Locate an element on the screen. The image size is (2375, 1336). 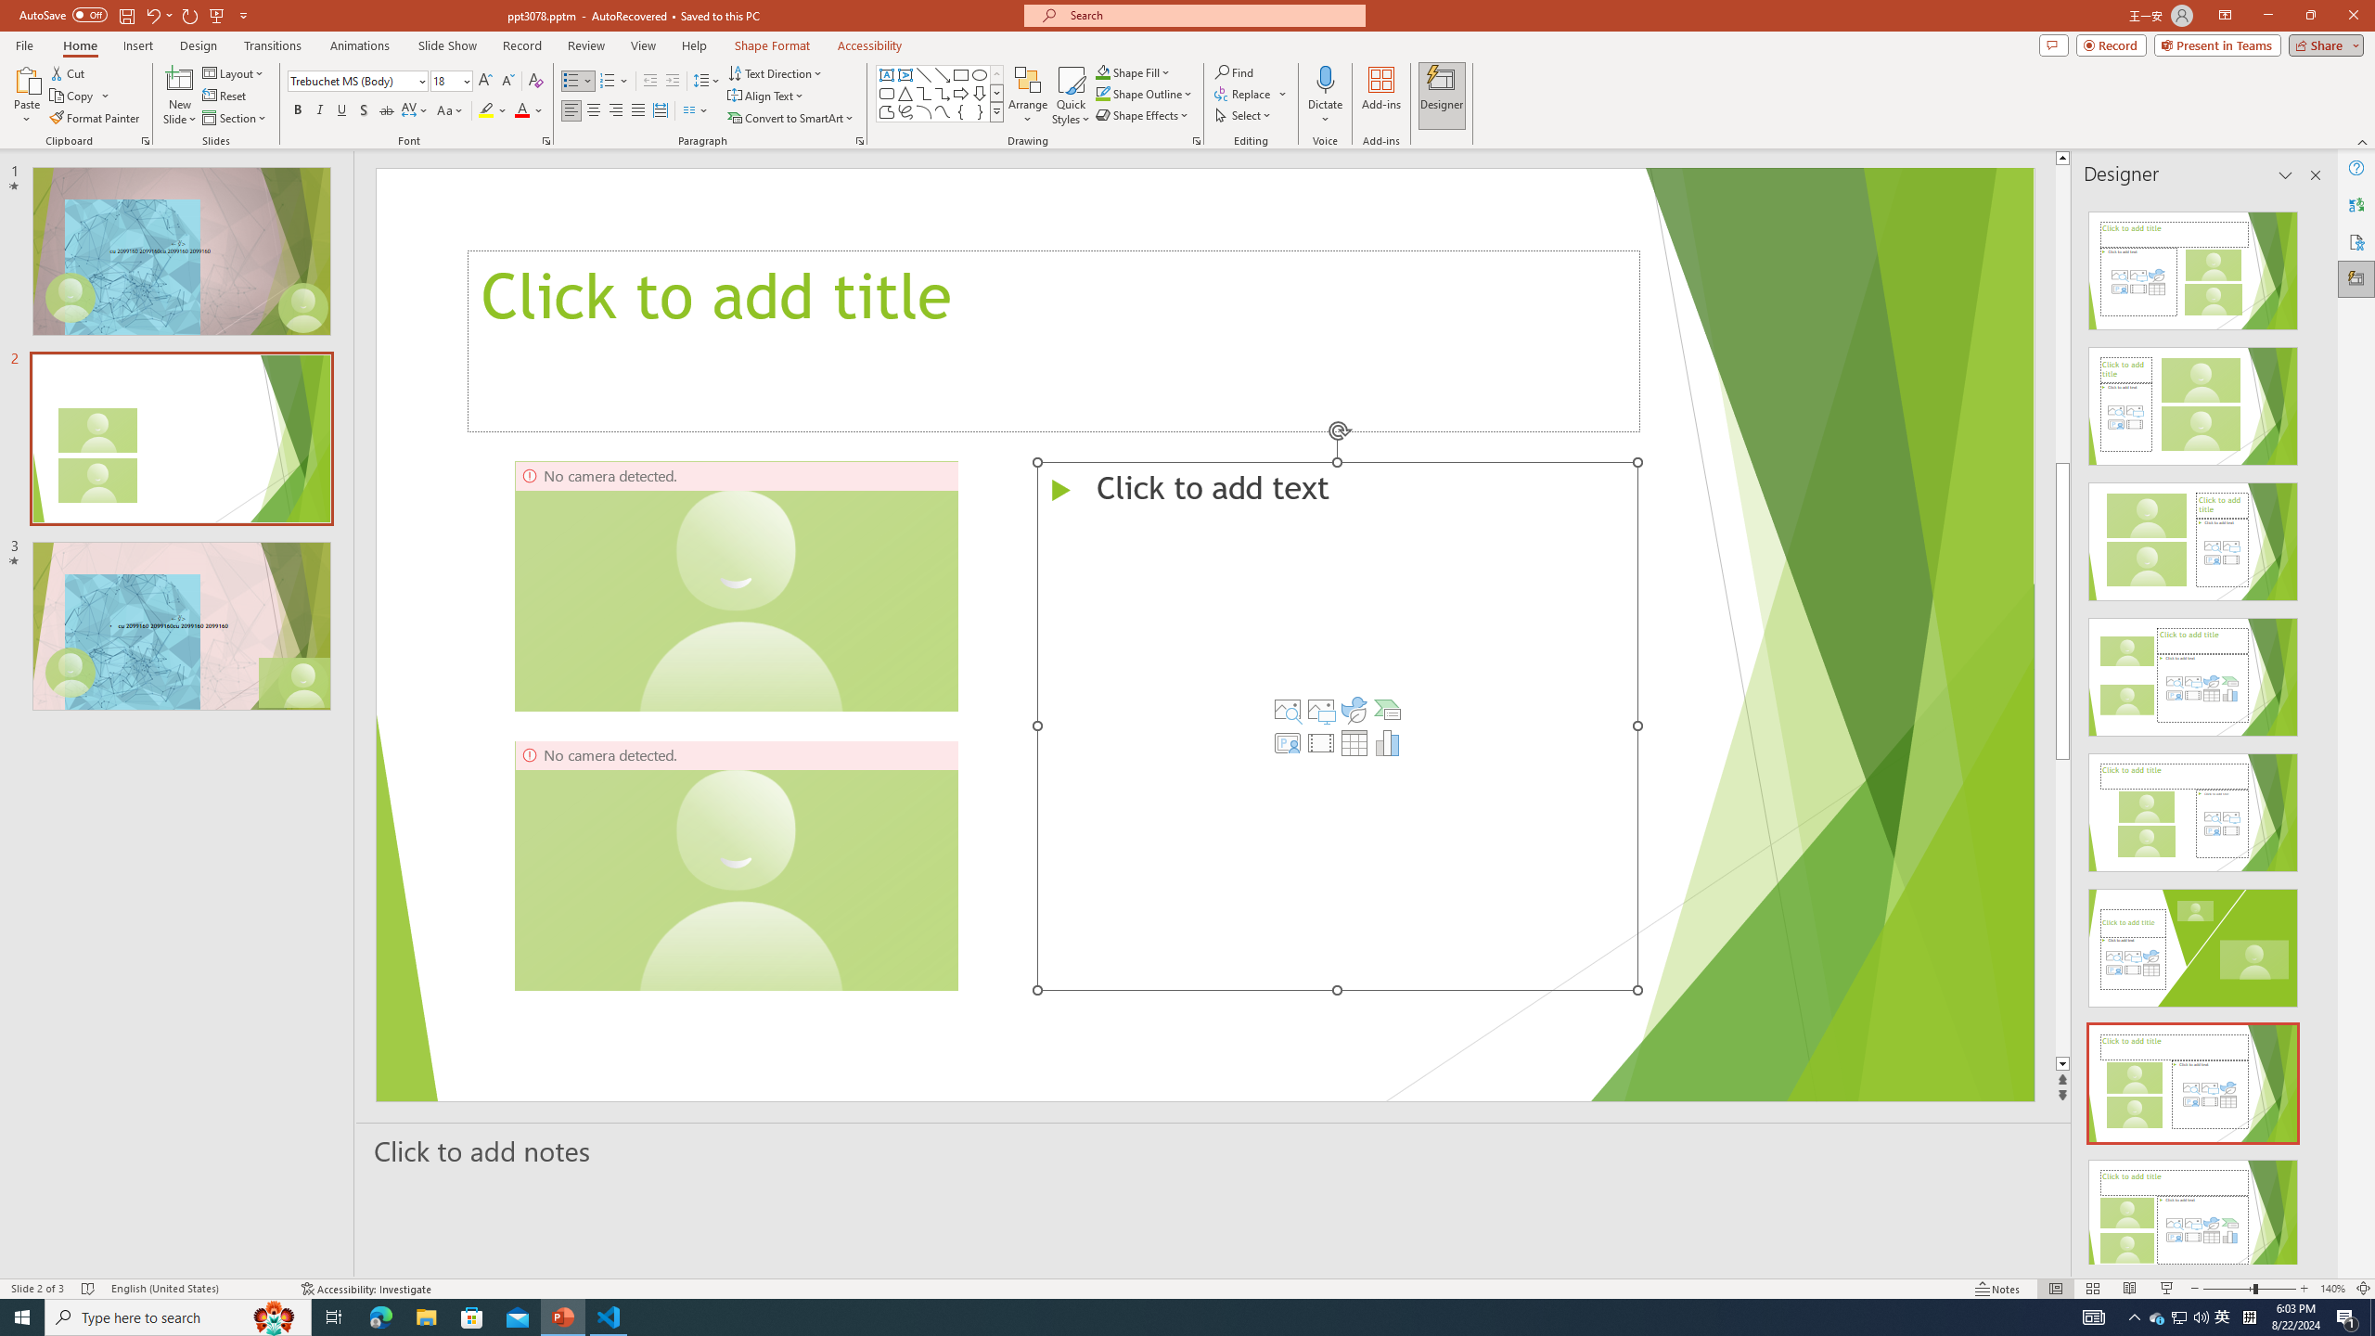
'Insert Table' is located at coordinates (1354, 742).